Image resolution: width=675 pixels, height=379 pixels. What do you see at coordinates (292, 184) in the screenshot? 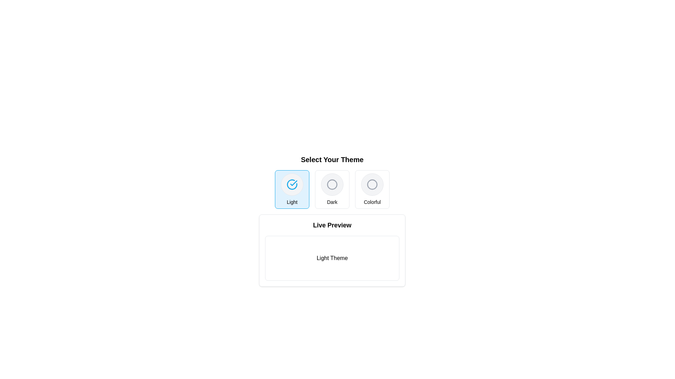
I see `the checkmark icon component that indicates the active selection of the 'Light' theme, located centrally within the first option under the 'Select Your Theme' section` at bounding box center [292, 184].